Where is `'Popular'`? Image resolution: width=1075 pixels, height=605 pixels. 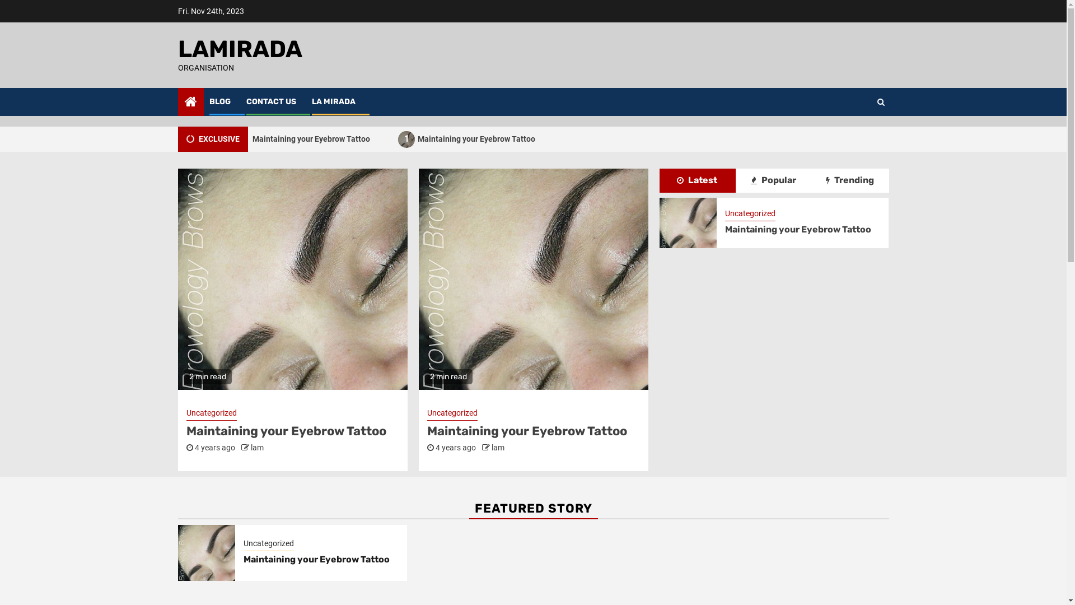
'Popular' is located at coordinates (742, 180).